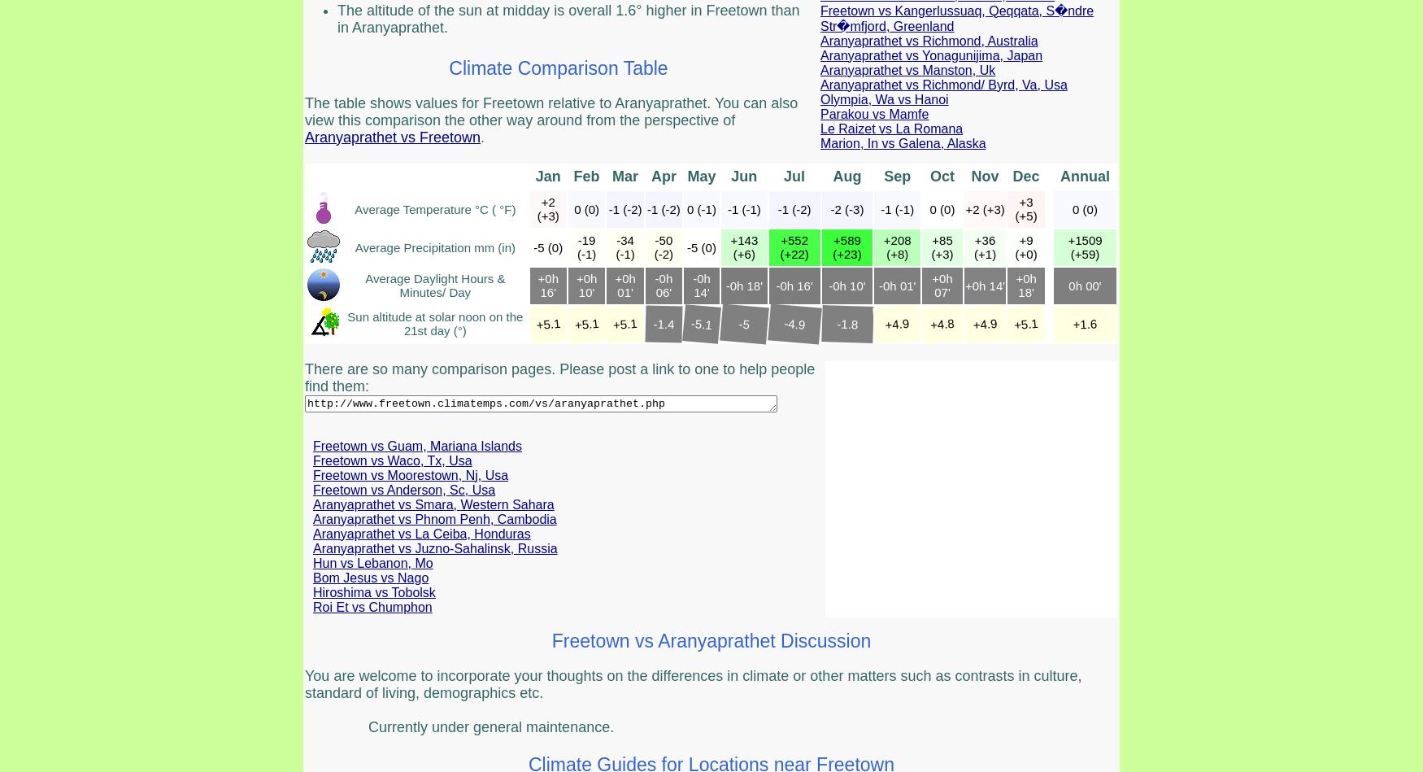  Describe the element at coordinates (1025, 246) in the screenshot. I see `'+9 (+0)'` at that location.